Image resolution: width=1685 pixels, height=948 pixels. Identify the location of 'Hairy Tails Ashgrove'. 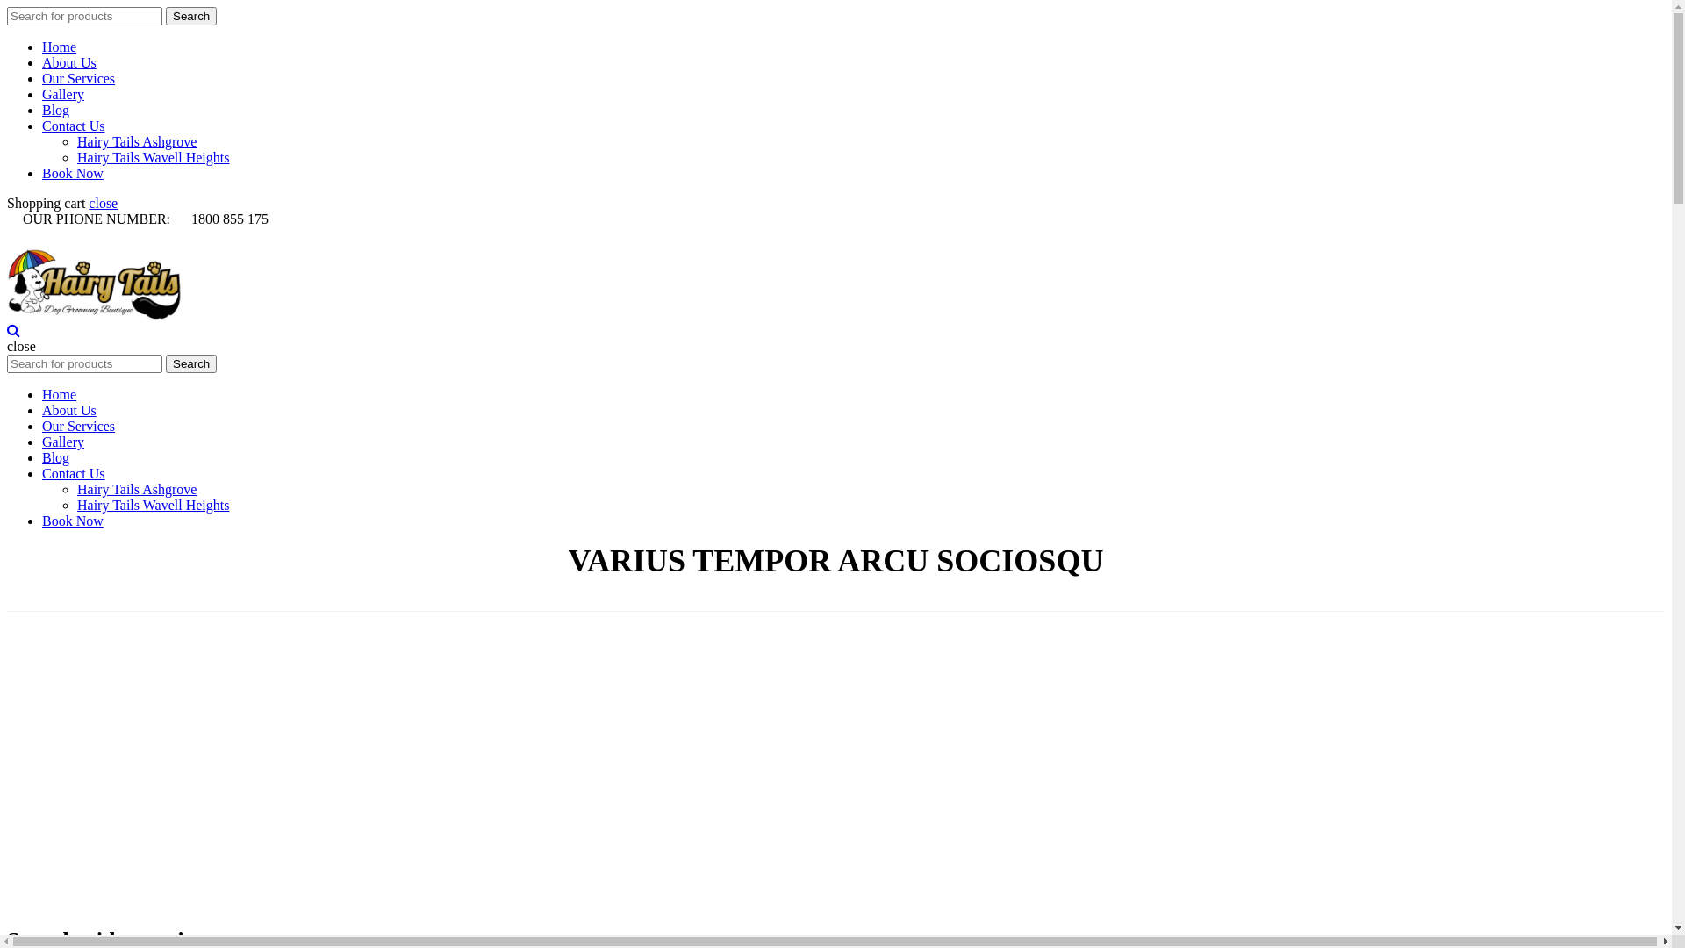
(75, 140).